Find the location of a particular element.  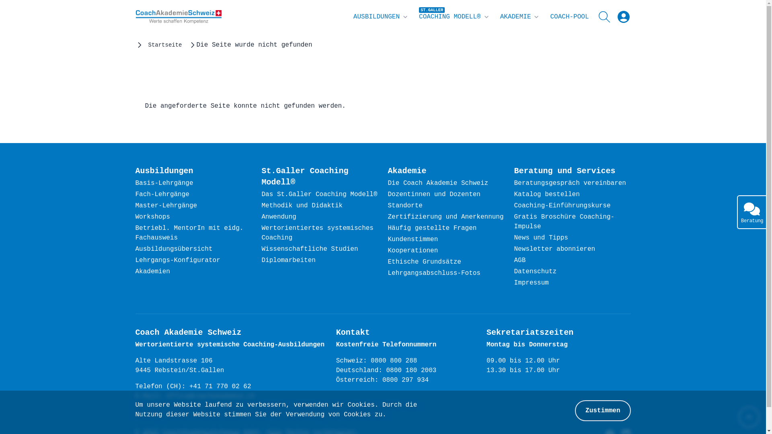

'Die Coach Akademie Schweiz' is located at coordinates (437, 183).